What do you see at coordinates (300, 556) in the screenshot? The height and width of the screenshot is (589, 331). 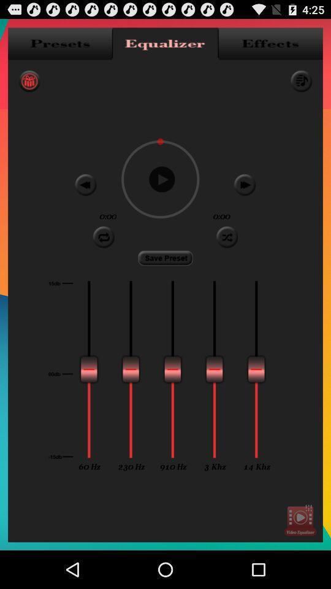 I see `the play icon` at bounding box center [300, 556].